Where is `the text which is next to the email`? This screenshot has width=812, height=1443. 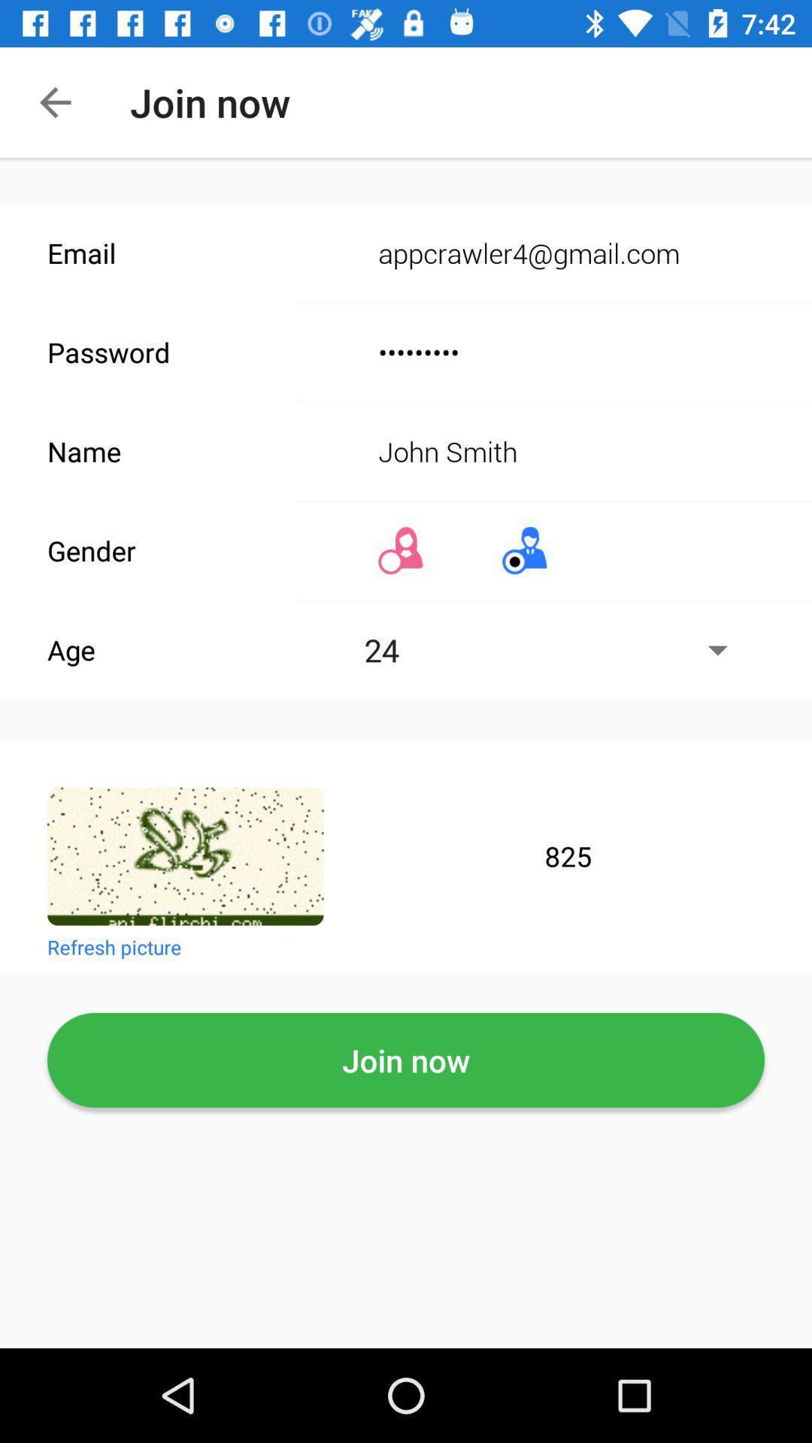
the text which is next to the email is located at coordinates (556, 253).